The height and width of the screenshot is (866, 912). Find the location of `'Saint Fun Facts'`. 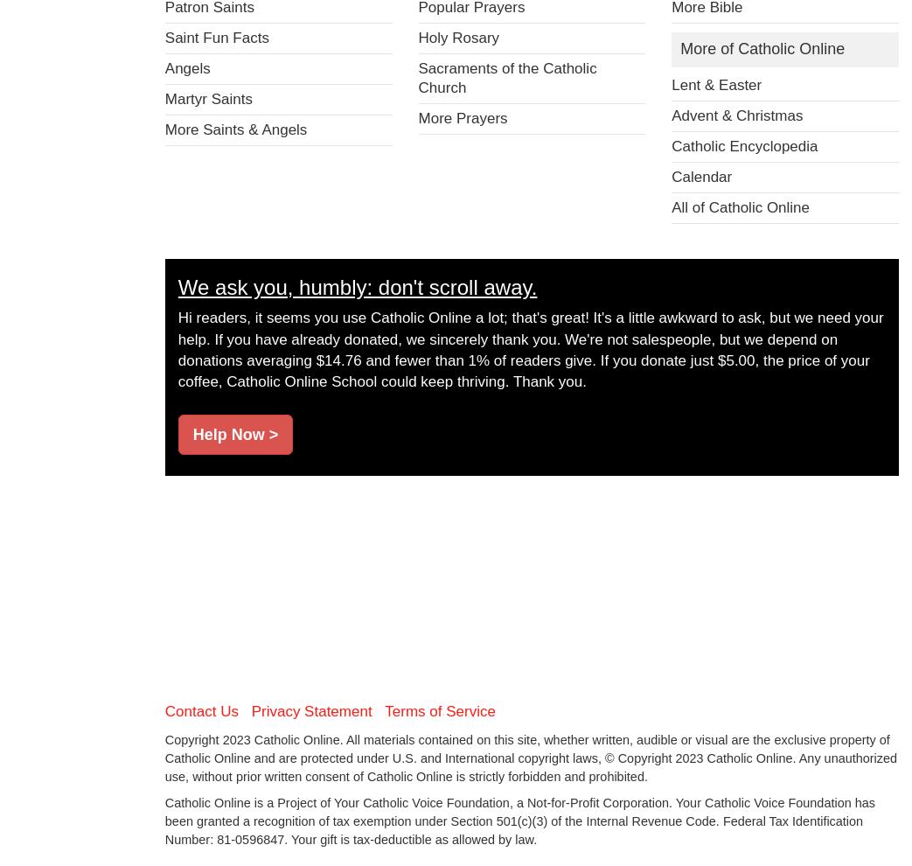

'Saint Fun Facts' is located at coordinates (163, 36).